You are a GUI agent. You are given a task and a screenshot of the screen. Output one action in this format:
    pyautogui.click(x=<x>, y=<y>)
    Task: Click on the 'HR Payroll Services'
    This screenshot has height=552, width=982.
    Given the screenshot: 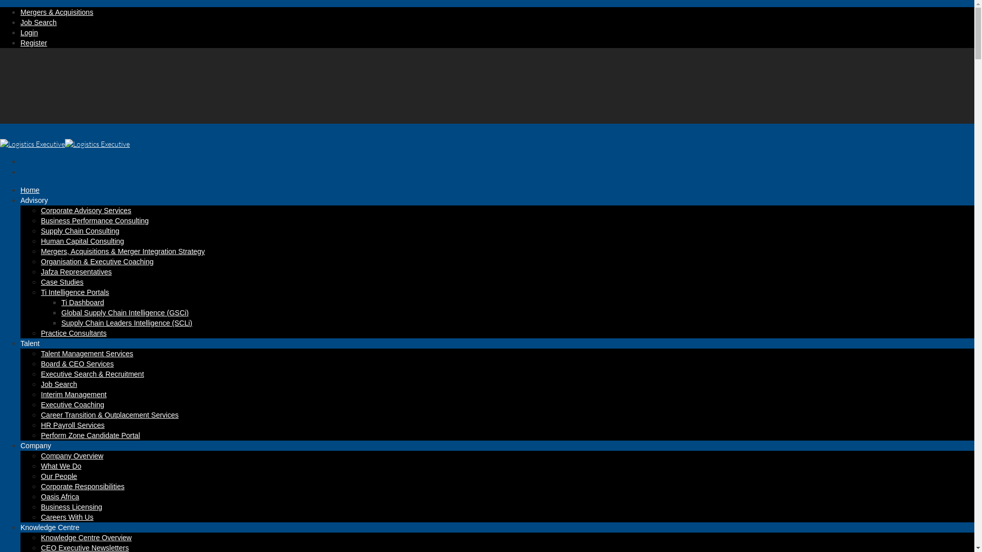 What is the action you would take?
    pyautogui.click(x=72, y=425)
    